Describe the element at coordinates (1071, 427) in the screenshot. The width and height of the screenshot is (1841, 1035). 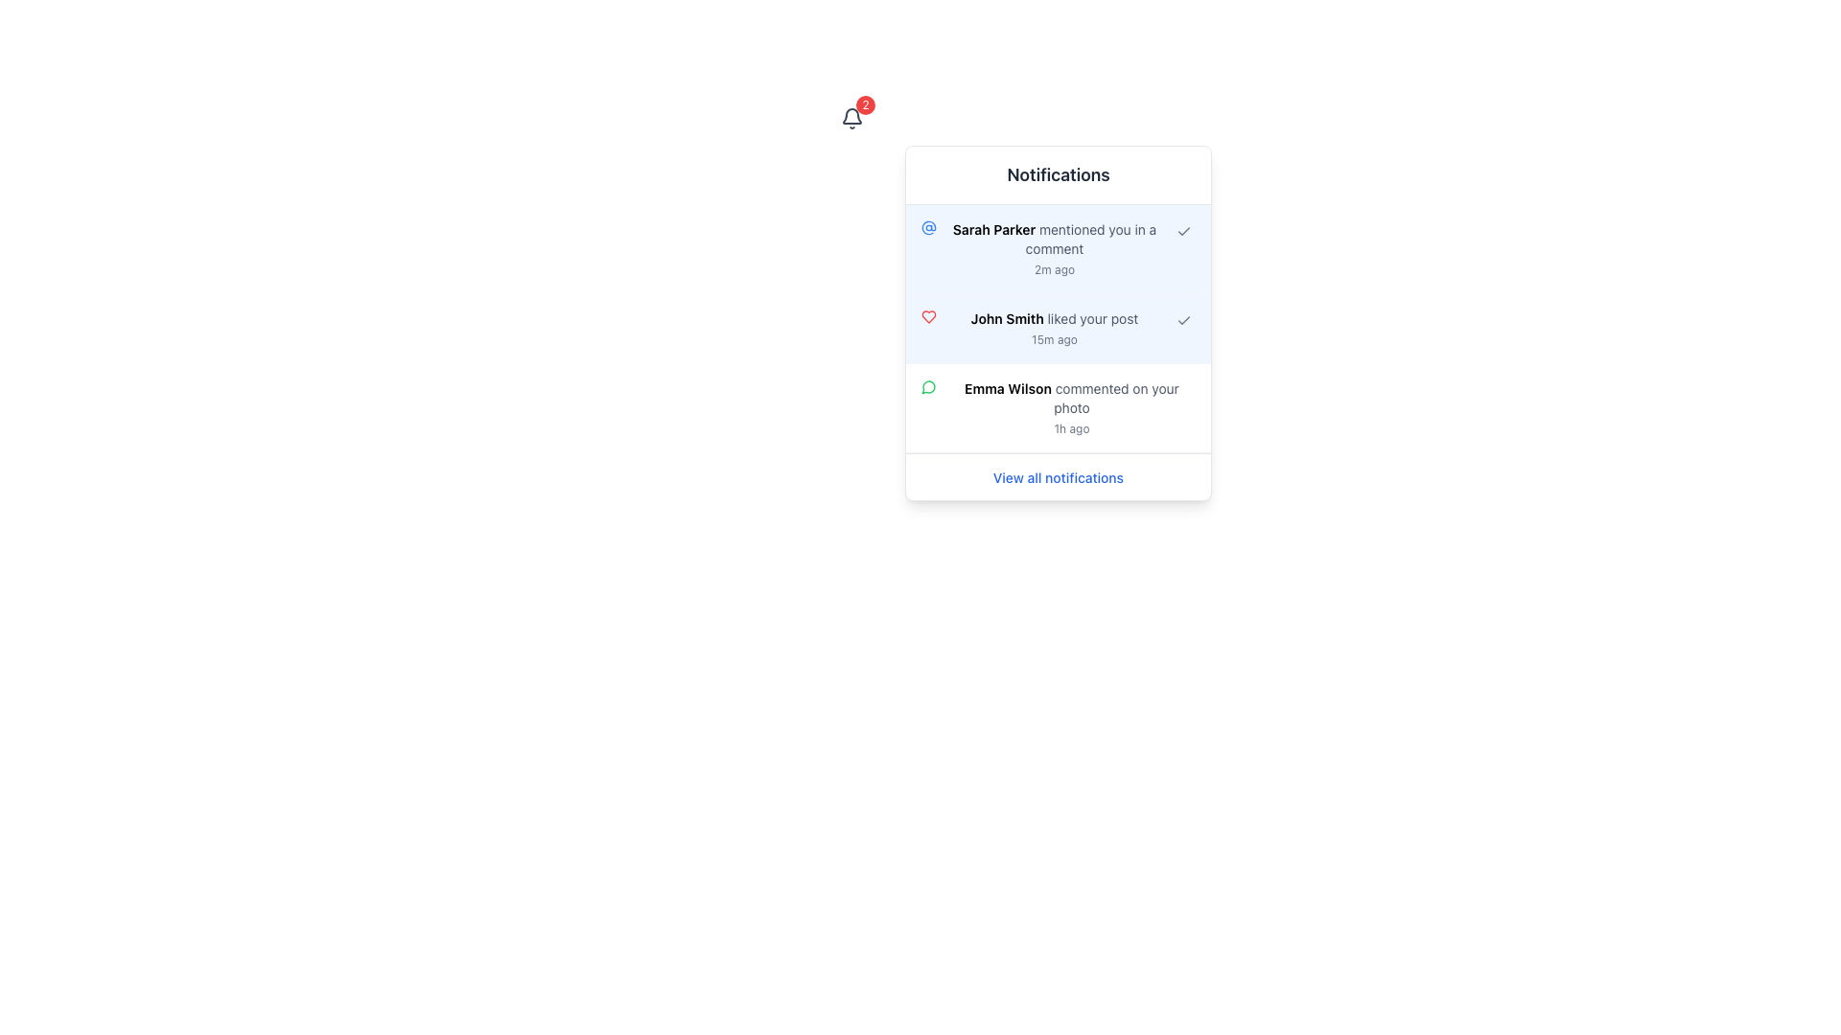
I see `displayed text on the Text Label that indicates the time elapsed since the activity, located below 'Emma Wilson commented on your photo.'` at that location.